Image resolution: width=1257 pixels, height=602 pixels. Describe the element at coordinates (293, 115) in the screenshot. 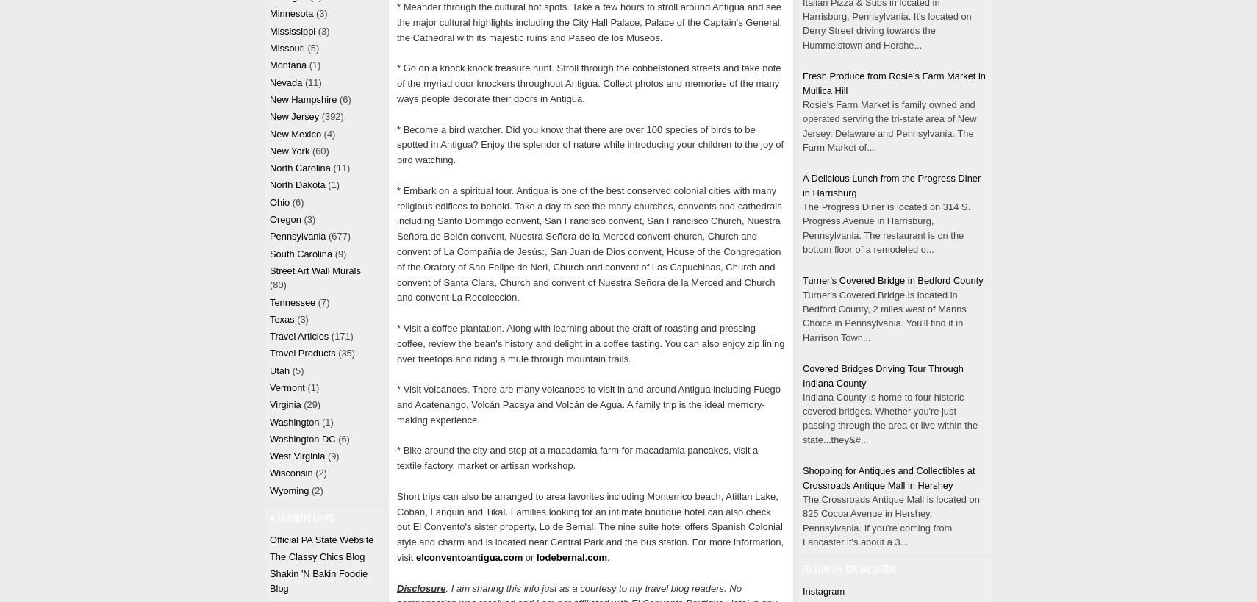

I see `'New Jersey'` at that location.